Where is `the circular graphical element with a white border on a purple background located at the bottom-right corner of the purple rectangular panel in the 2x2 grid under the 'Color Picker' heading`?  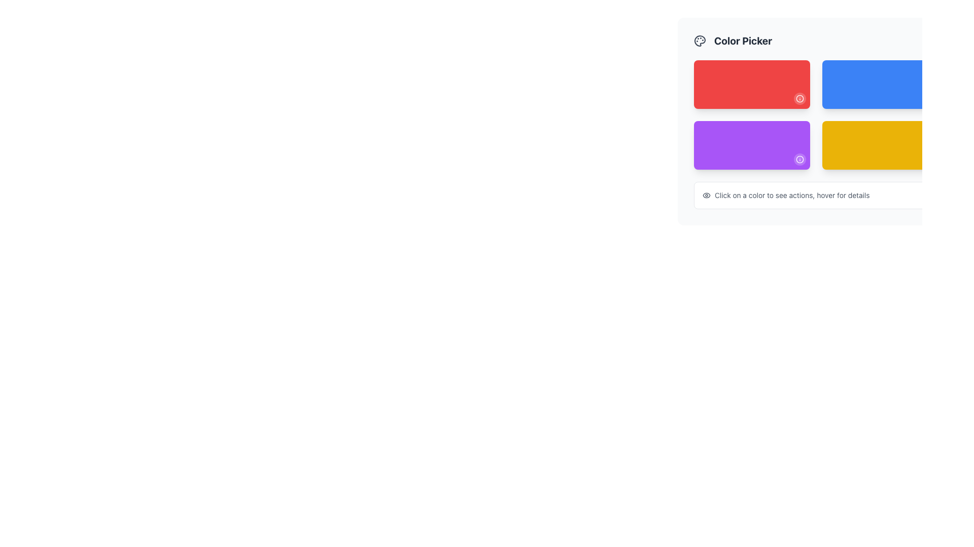
the circular graphical element with a white border on a purple background located at the bottom-right corner of the purple rectangular panel in the 2x2 grid under the 'Color Picker' heading is located at coordinates (799, 160).